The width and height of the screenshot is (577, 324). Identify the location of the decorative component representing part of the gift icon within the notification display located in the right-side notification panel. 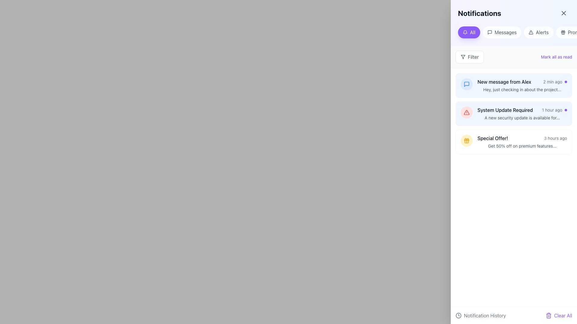
(466, 140).